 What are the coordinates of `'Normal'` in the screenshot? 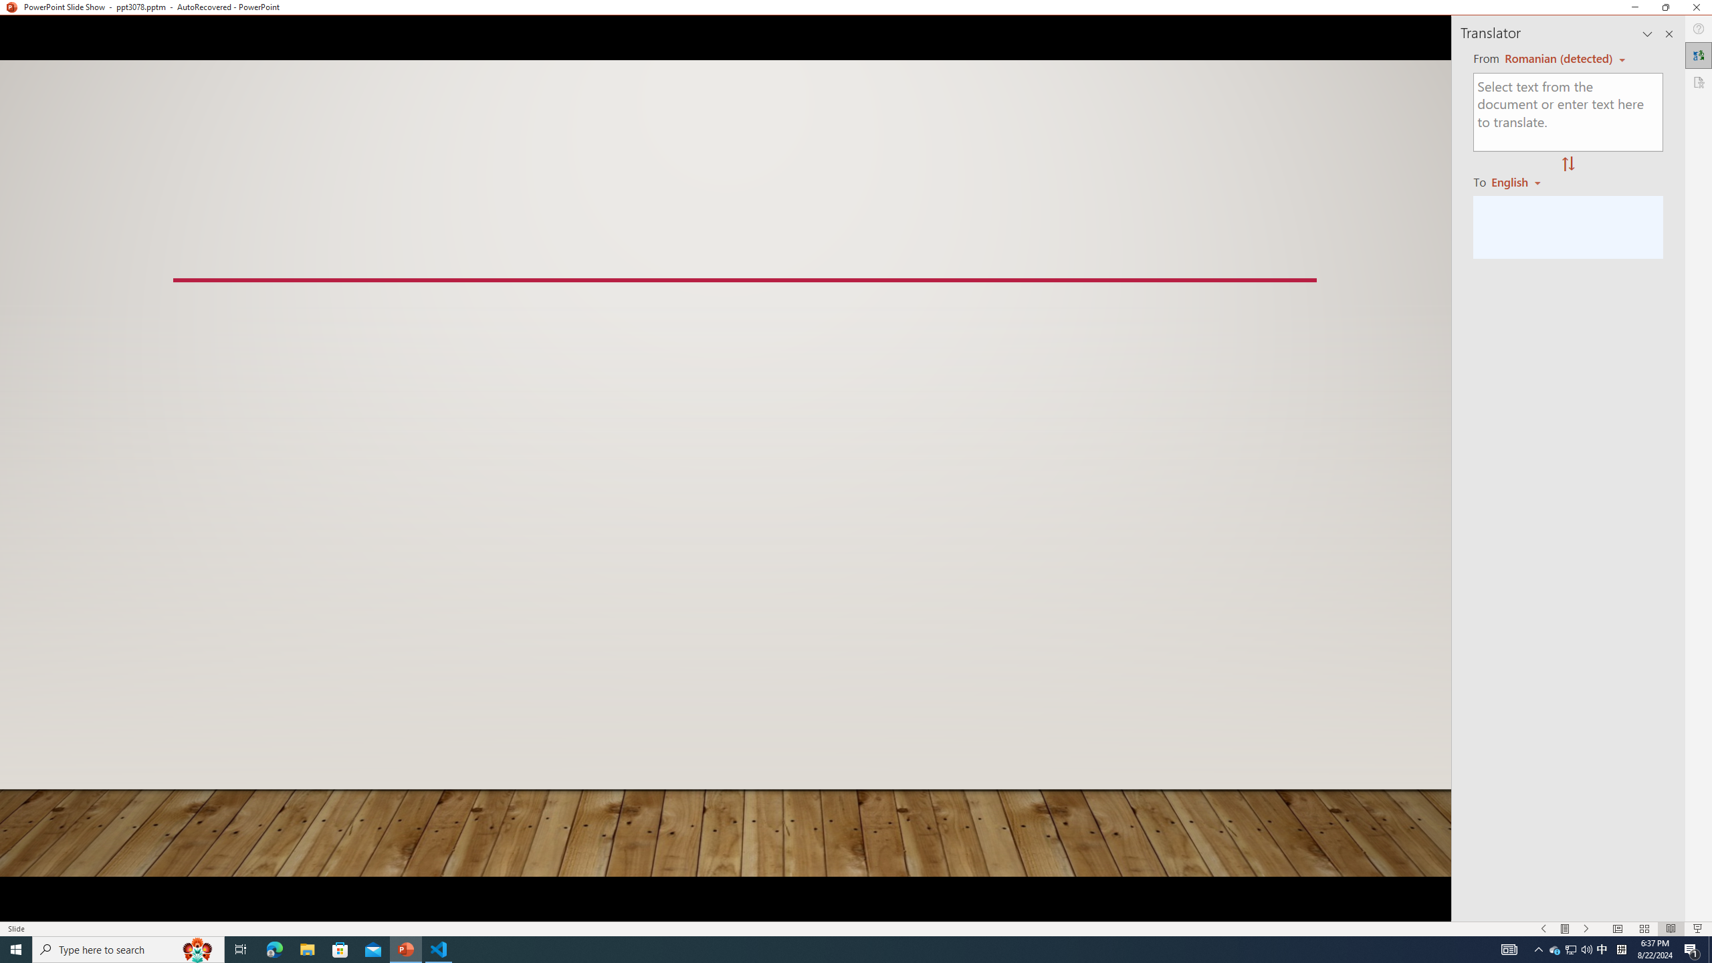 It's located at (1617, 929).